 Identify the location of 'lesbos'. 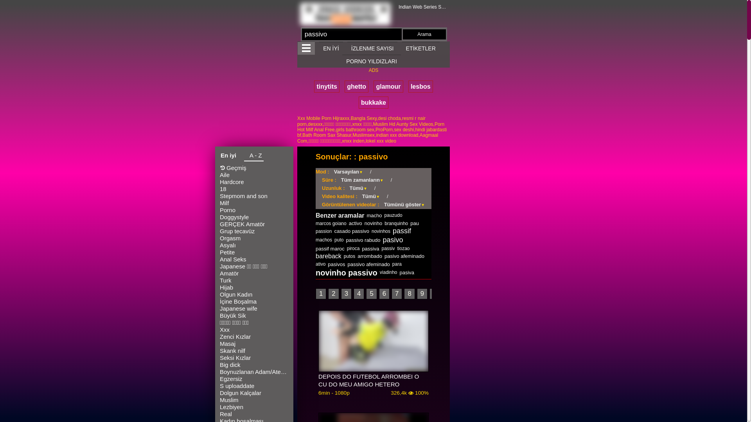
(420, 86).